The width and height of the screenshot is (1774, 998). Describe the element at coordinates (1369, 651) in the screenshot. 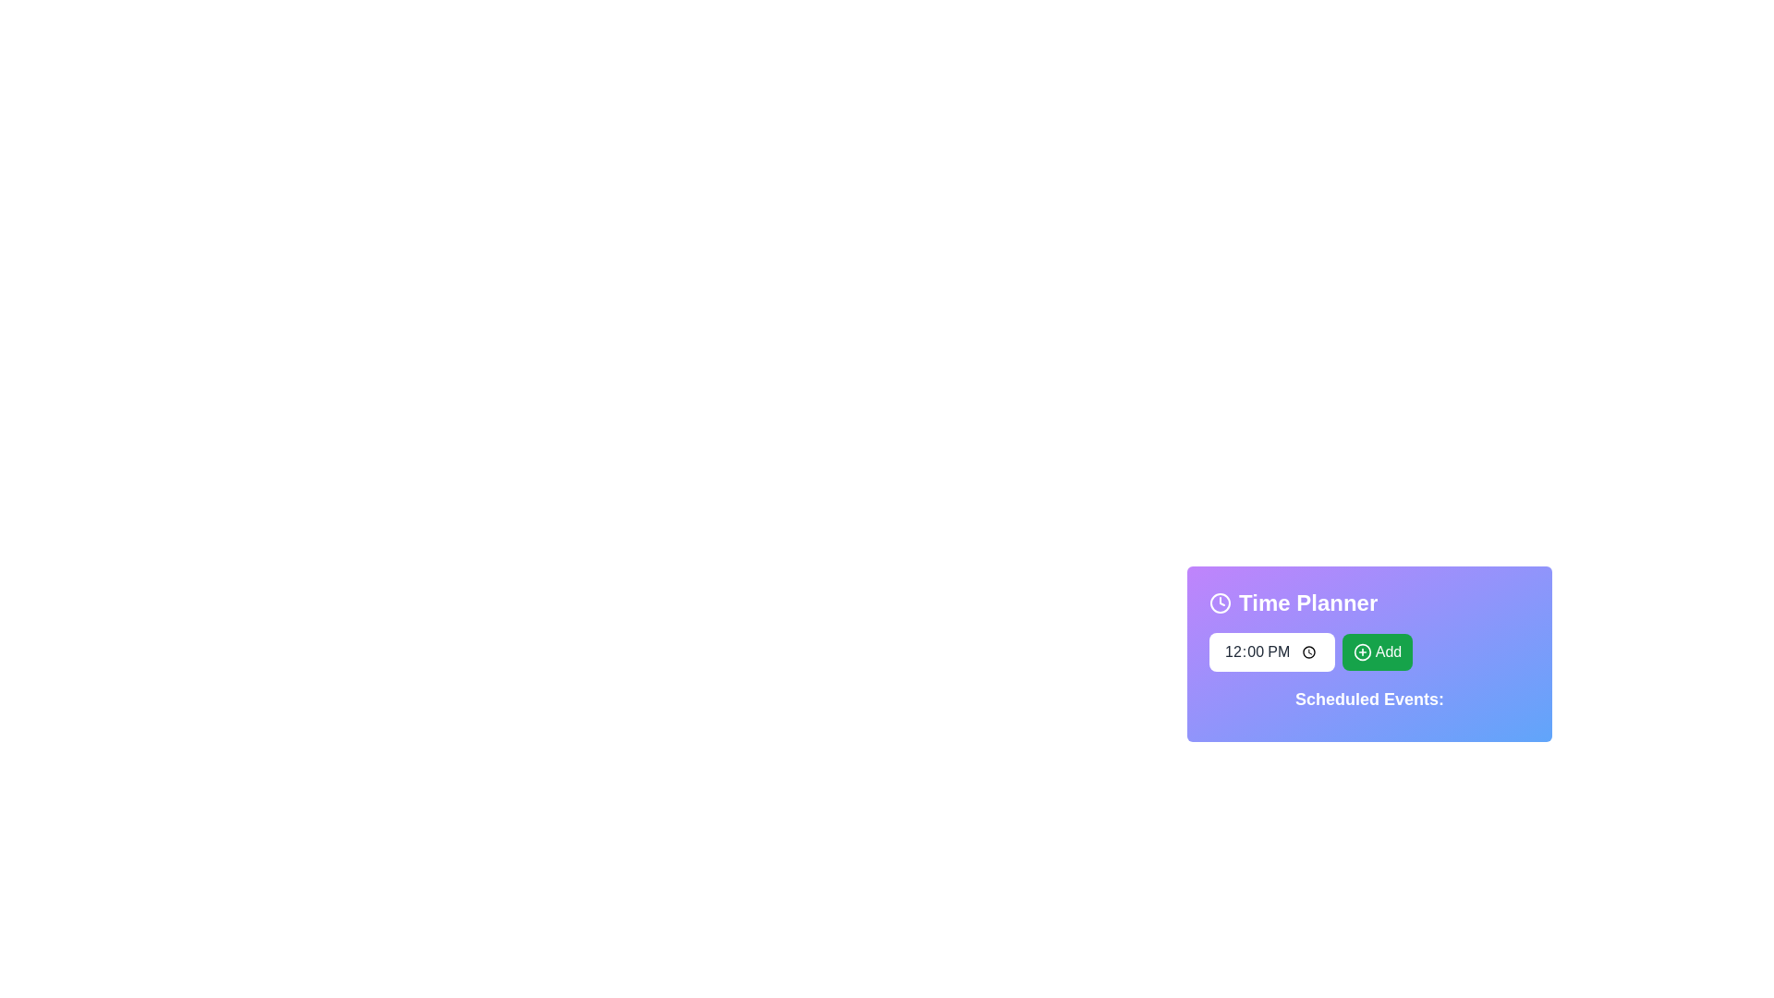

I see `the button located to the right of the '12:00 PM' time input field in the 'Time Planner' section` at that location.